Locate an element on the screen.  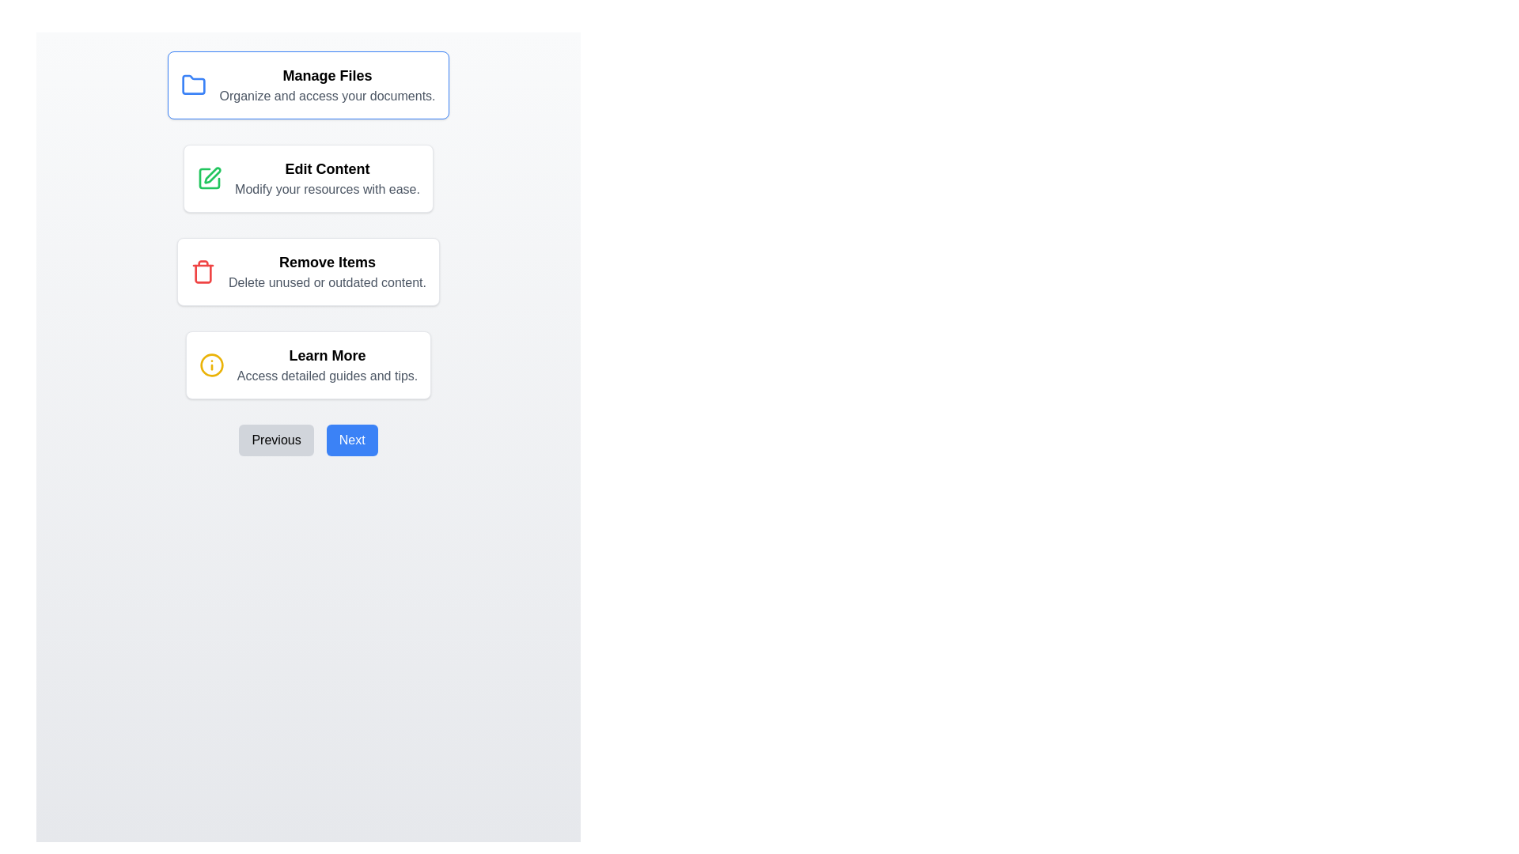
the green pen icon within the 'Edit Content' section, which is part of an SVG graphic is located at coordinates (211, 176).